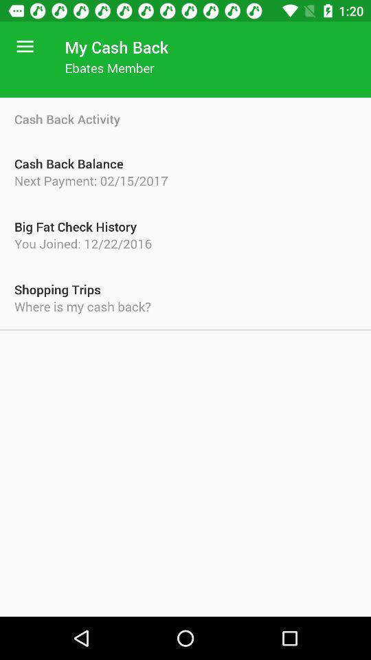  I want to click on item next to the my cash back, so click(25, 47).